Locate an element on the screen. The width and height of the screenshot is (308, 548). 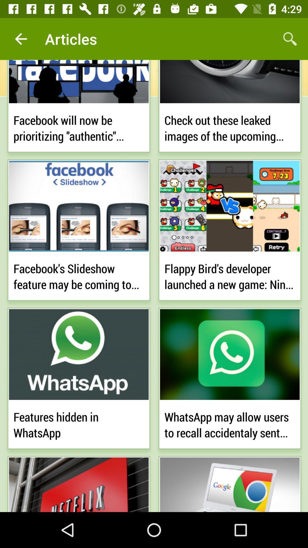
check out these is located at coordinates (229, 127).